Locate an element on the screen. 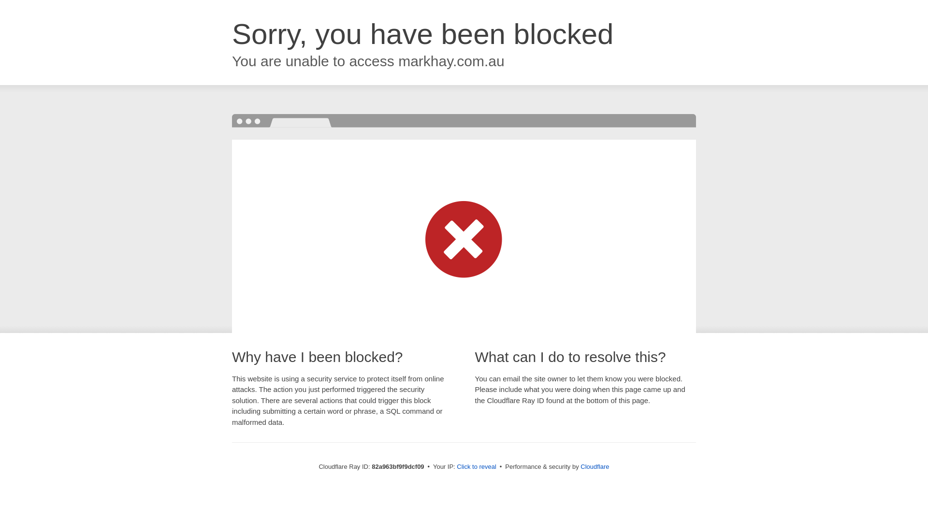  'Click to reveal' is located at coordinates (476, 466).